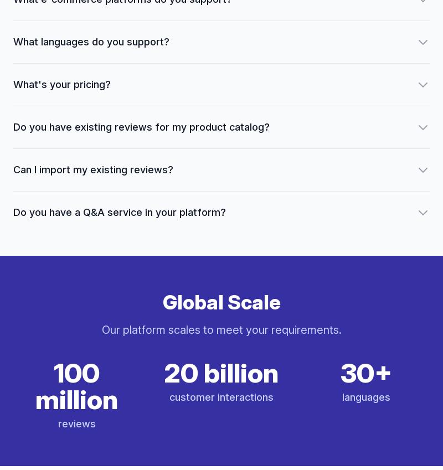 This screenshot has width=443, height=470. What do you see at coordinates (76, 423) in the screenshot?
I see `'reviews'` at bounding box center [76, 423].